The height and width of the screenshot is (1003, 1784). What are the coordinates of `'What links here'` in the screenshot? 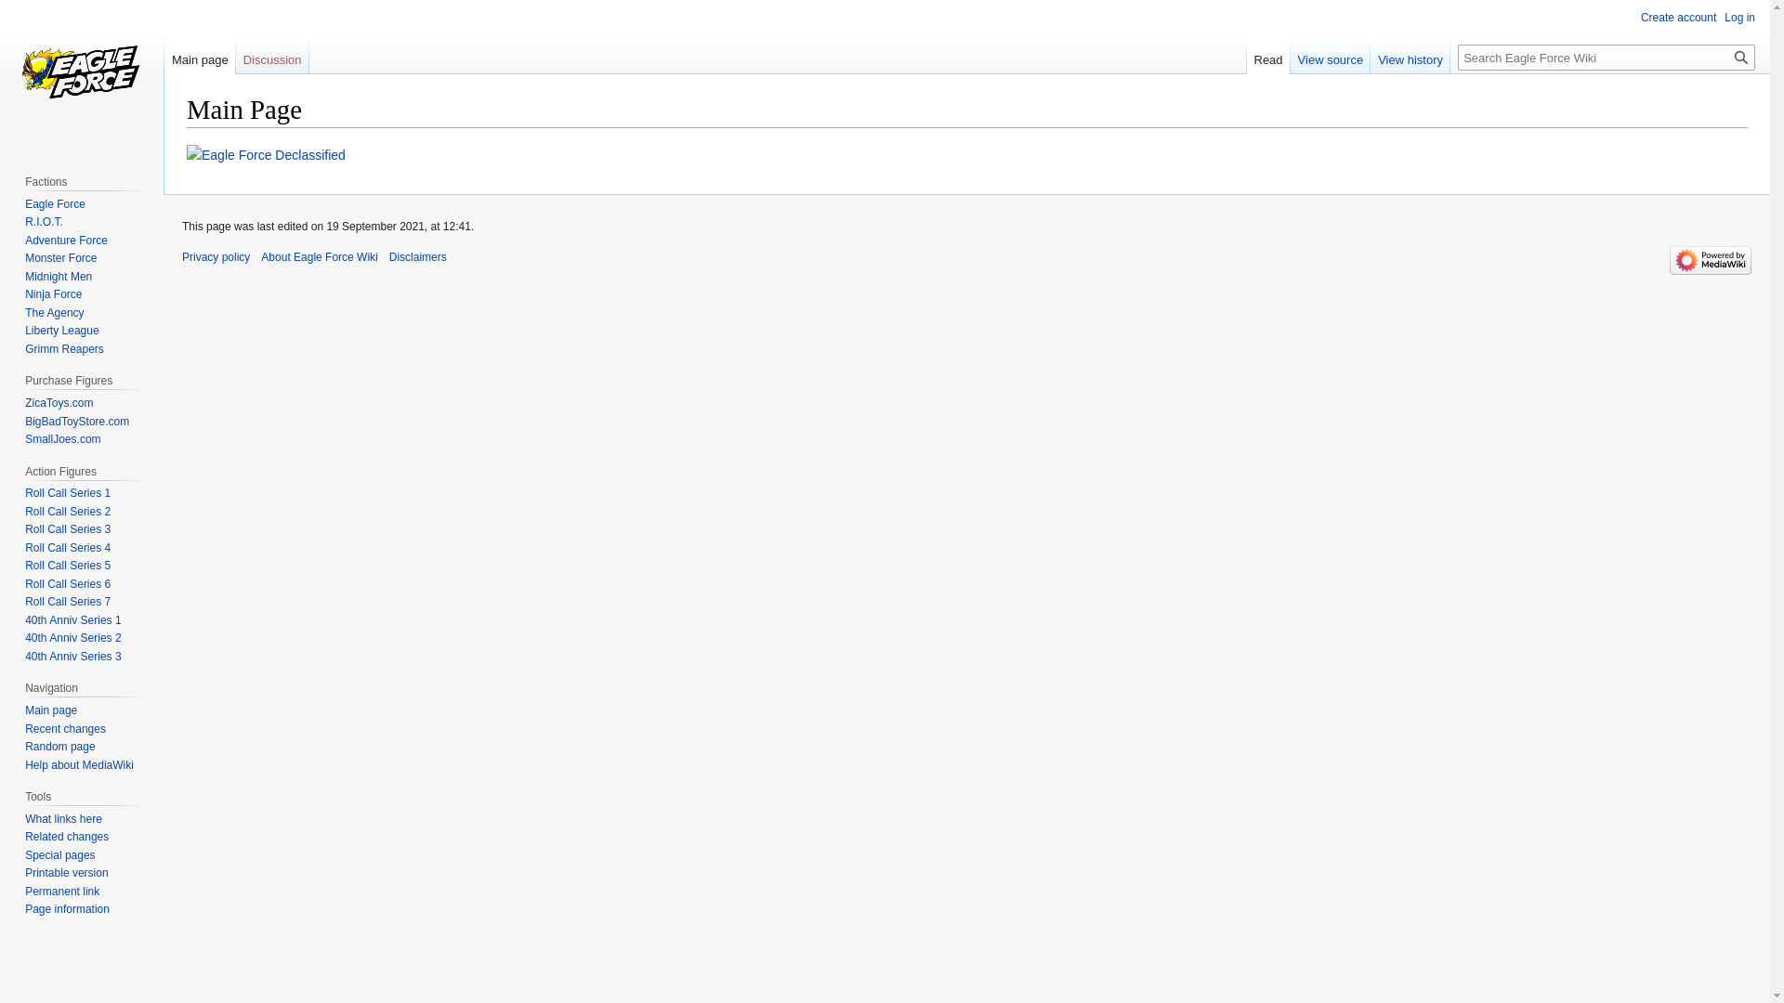 It's located at (63, 818).